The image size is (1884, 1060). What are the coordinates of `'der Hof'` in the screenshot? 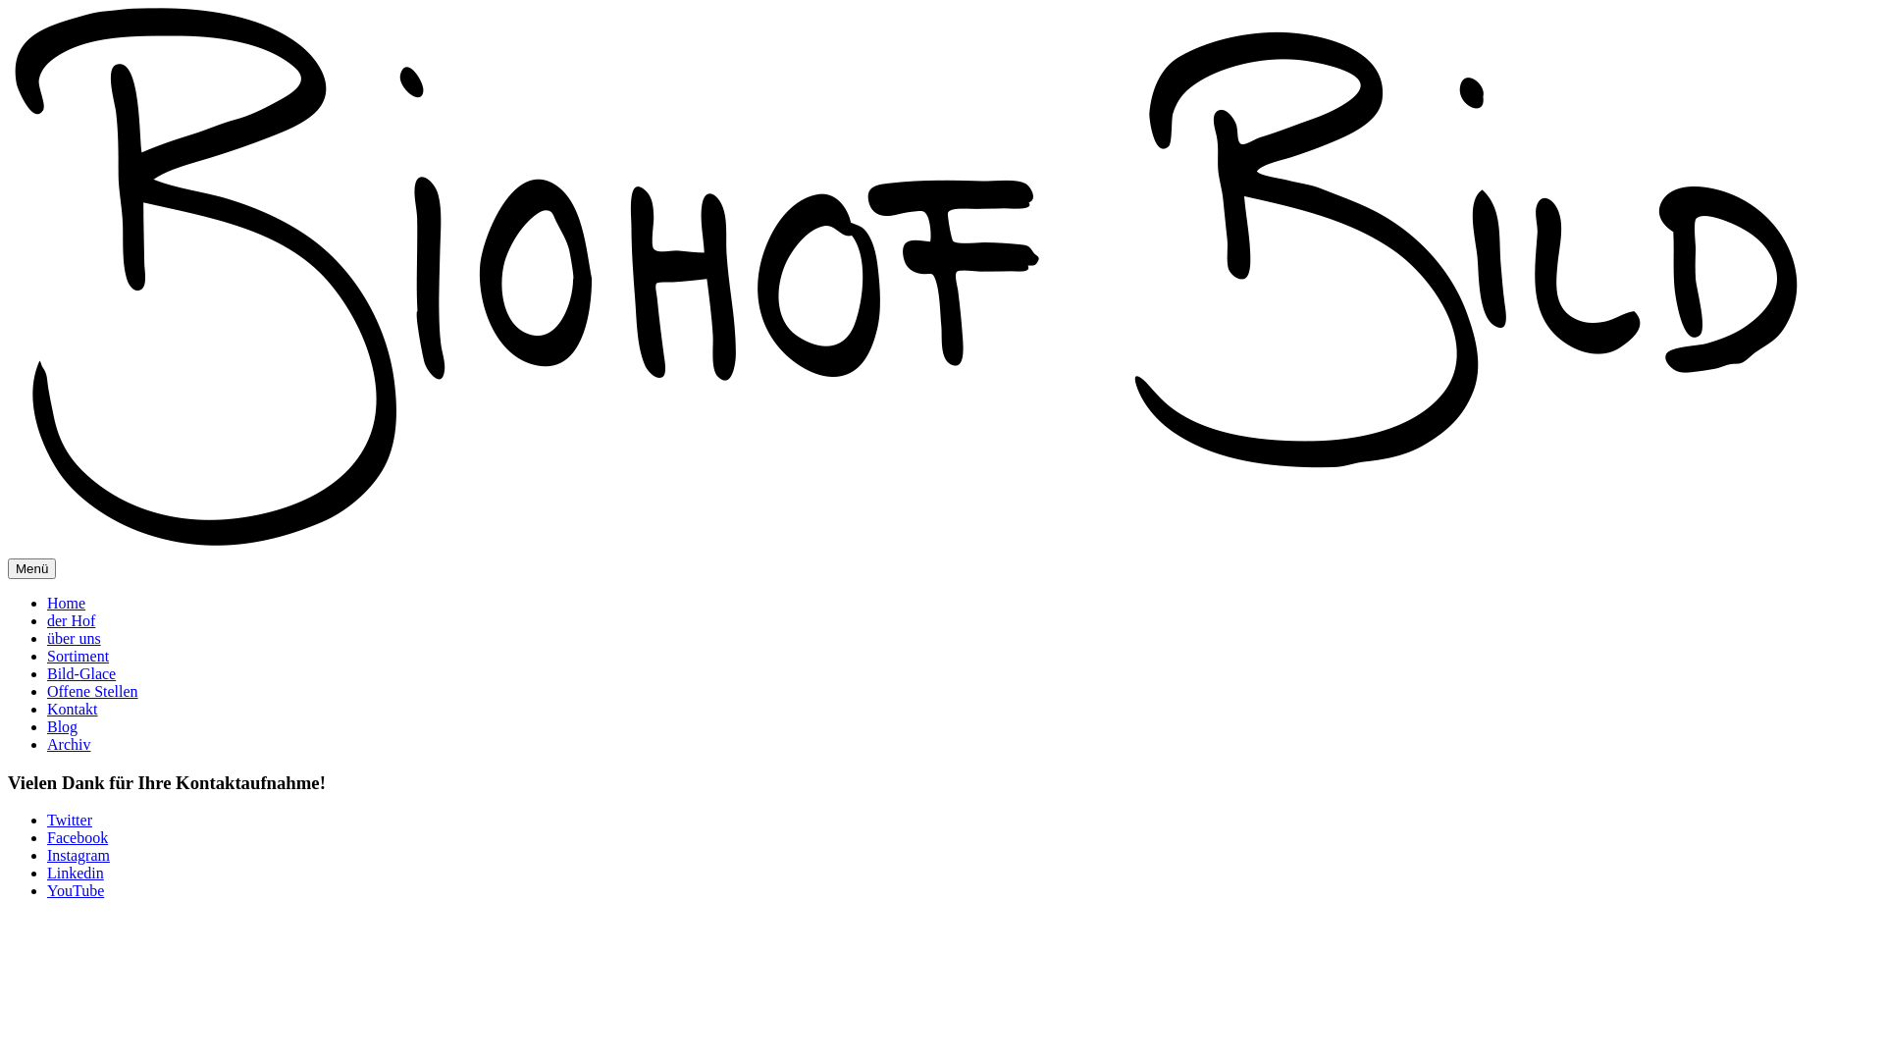 It's located at (71, 620).